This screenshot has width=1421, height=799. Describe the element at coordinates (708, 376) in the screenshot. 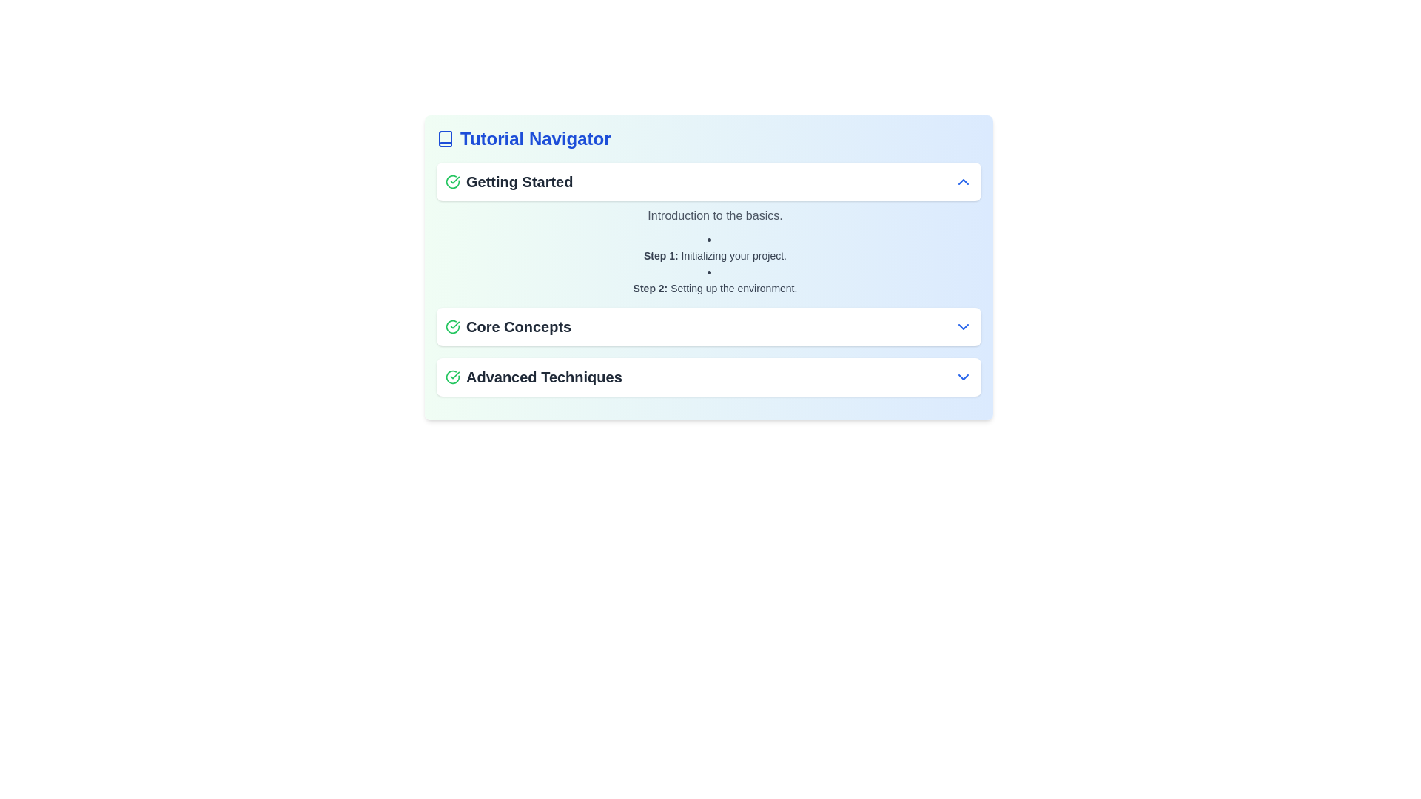

I see `the third item` at that location.